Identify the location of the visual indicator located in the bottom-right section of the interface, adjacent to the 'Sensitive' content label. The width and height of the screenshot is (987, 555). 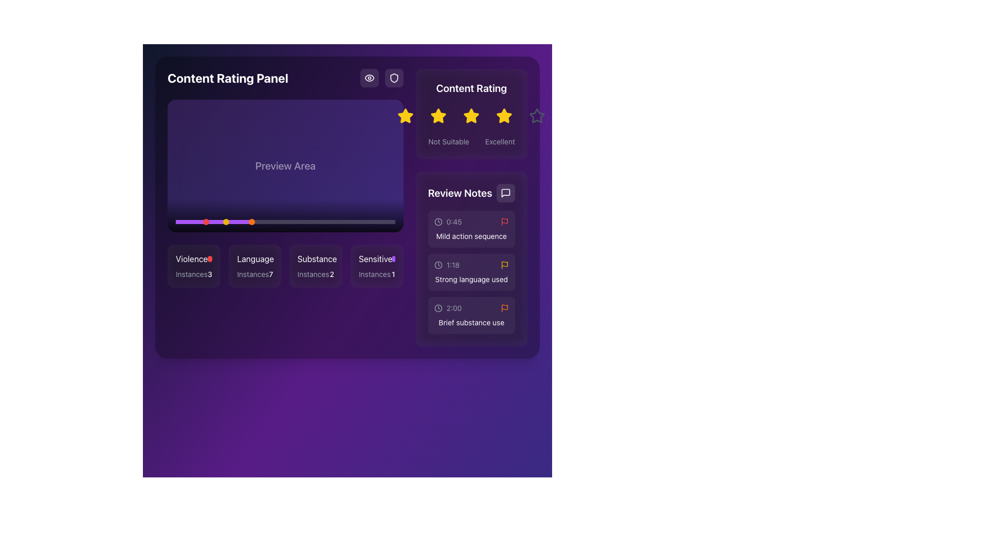
(393, 258).